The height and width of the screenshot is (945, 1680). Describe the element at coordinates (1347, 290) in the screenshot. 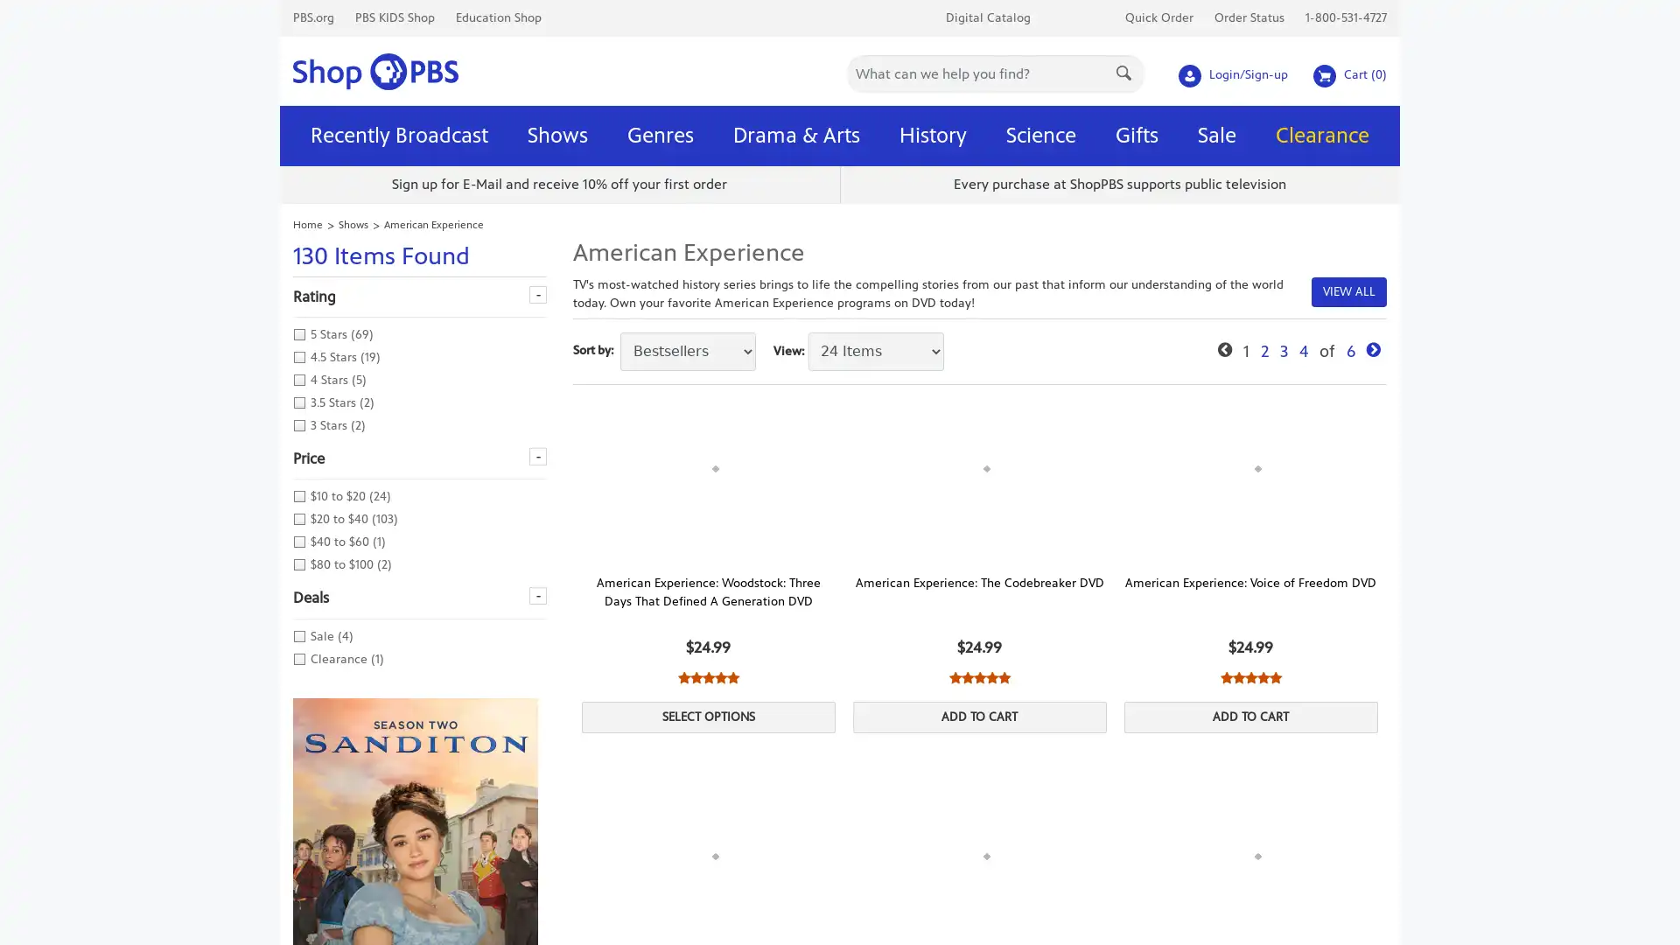

I see `VIEW ALL` at that location.